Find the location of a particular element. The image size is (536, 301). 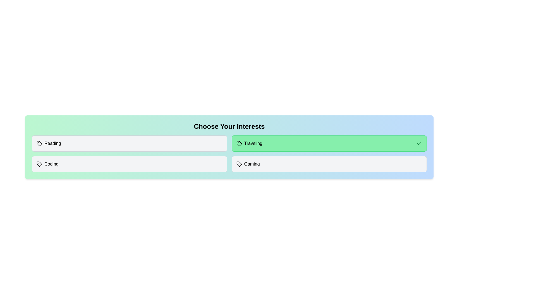

the interest item Gaming is located at coordinates (329, 164).